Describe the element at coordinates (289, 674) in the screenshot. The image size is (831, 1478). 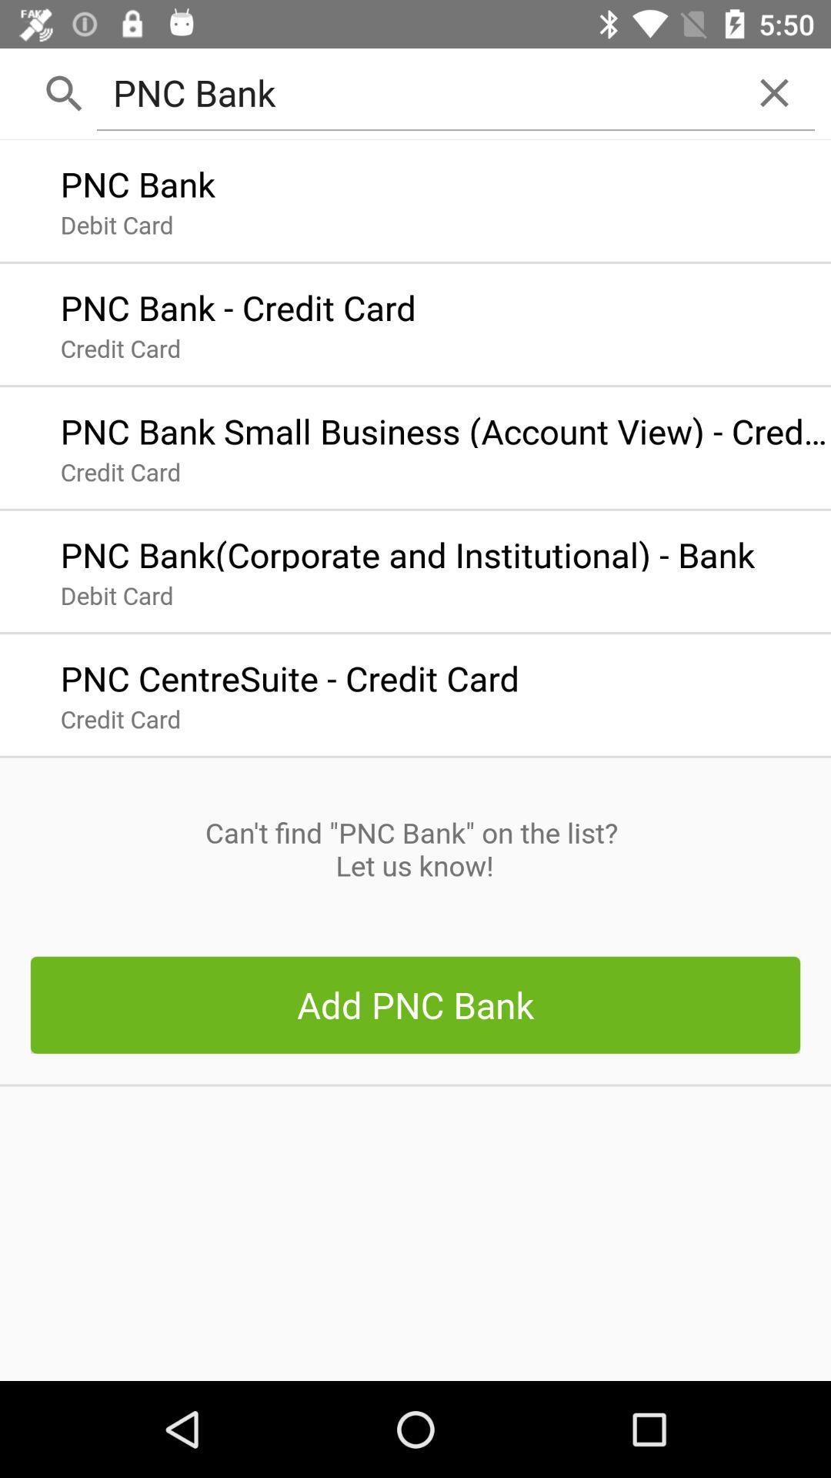
I see `pnc centresuite credit item` at that location.